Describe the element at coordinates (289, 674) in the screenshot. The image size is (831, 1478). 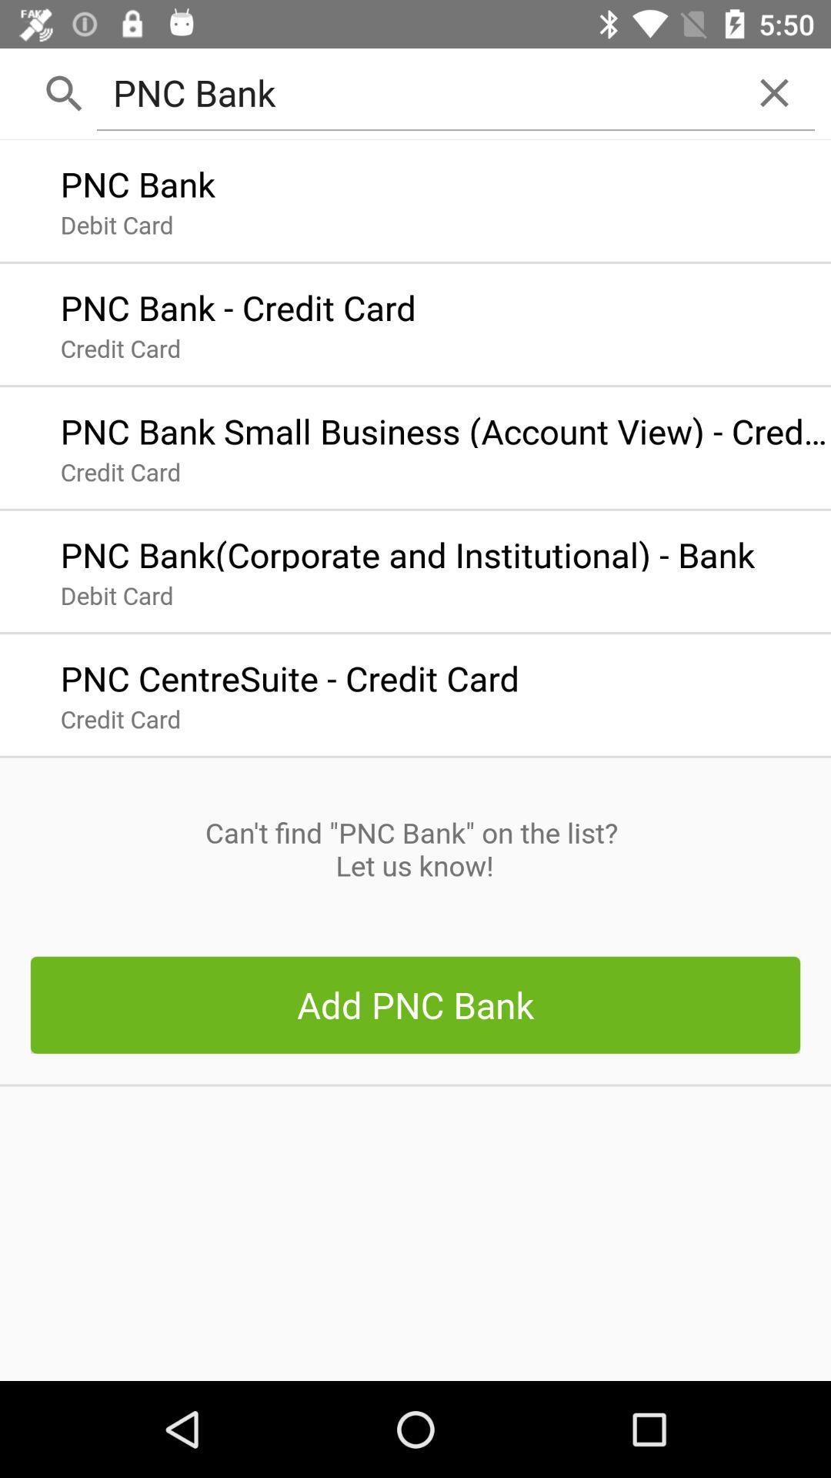
I see `pnc centresuite credit item` at that location.